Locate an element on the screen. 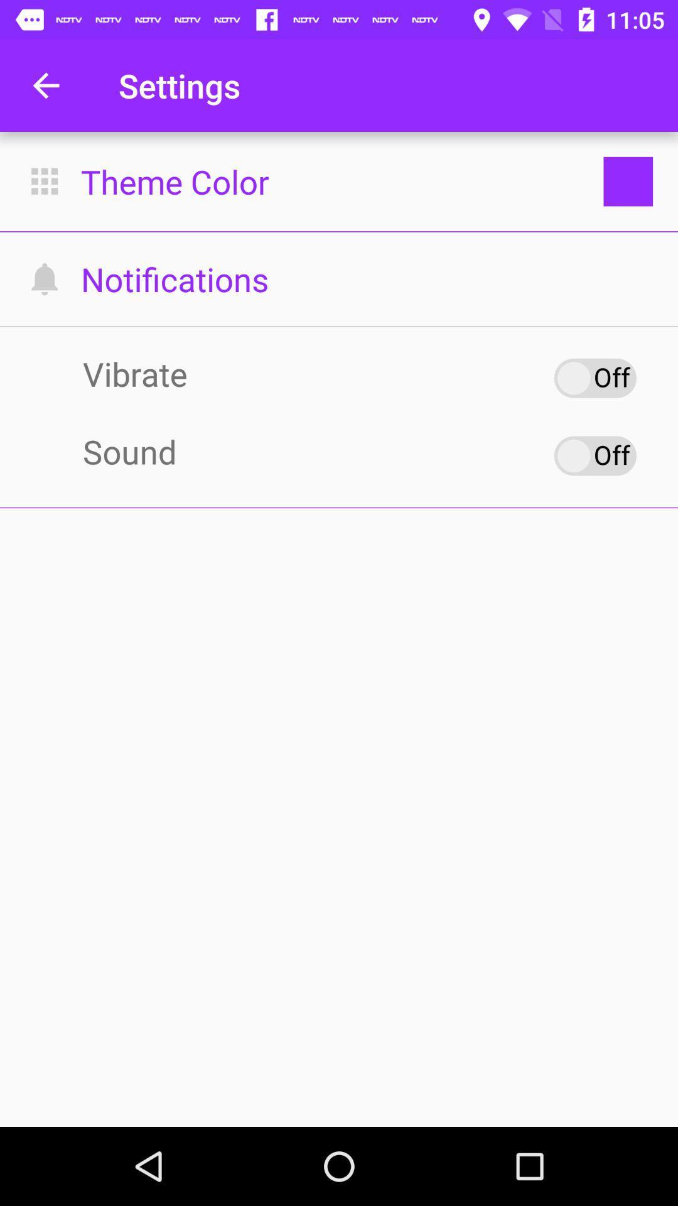  vibrate option is located at coordinates (595, 378).